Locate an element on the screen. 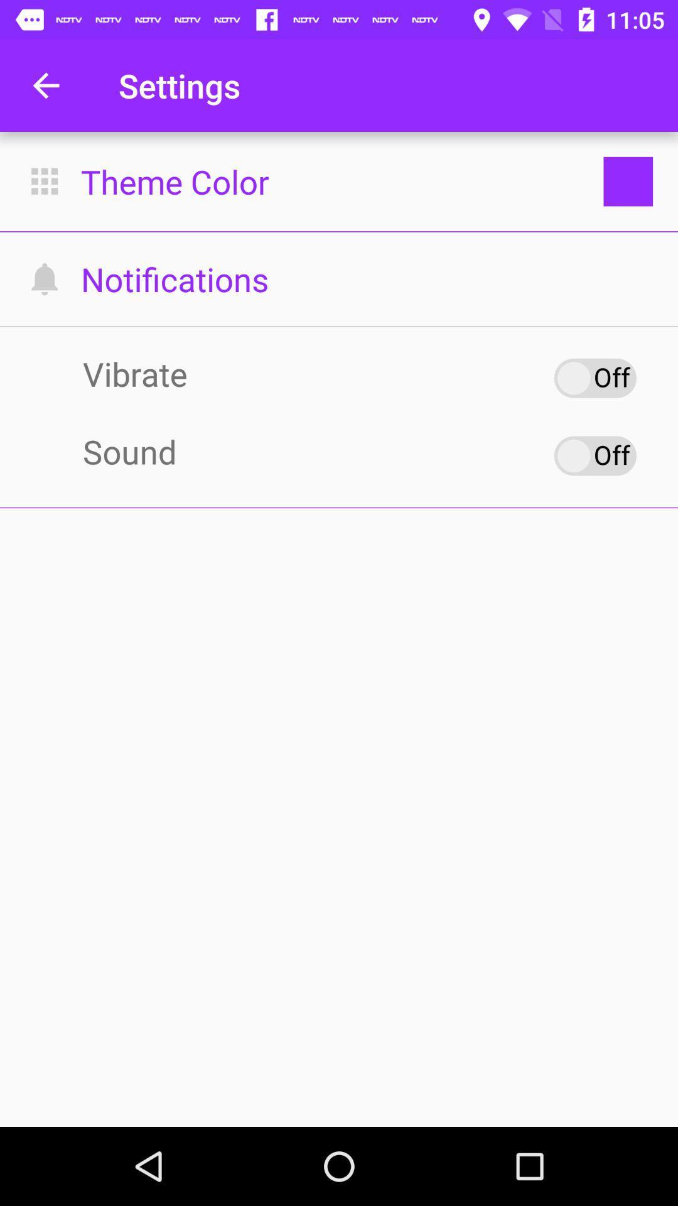  vibrate option is located at coordinates (595, 378).